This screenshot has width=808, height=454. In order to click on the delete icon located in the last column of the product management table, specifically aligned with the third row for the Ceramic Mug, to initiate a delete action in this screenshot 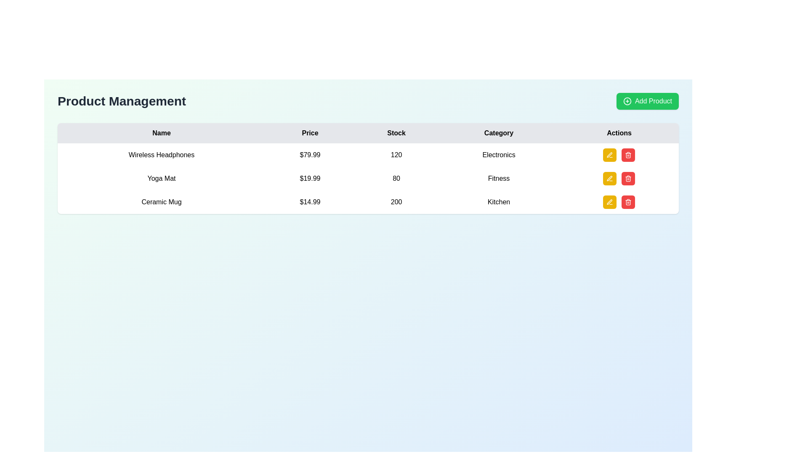, I will do `click(628, 155)`.